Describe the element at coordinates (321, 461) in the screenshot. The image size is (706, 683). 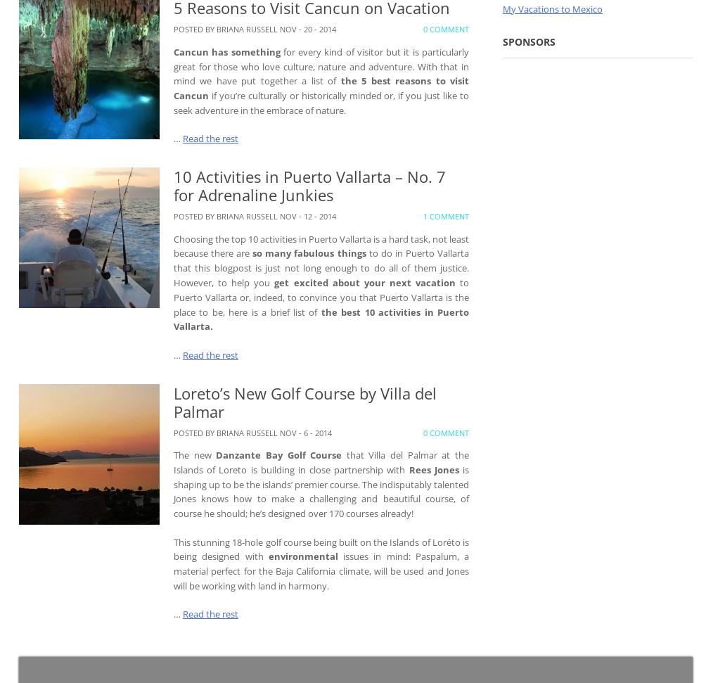
I see `'that Villa del Palmar at the Islands of Loreto is building in close partnership with'` at that location.